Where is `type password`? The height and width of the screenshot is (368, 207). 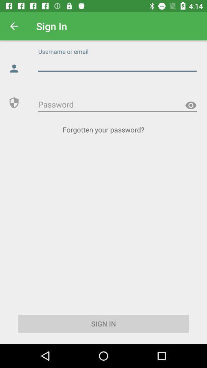 type password is located at coordinates (117, 104).